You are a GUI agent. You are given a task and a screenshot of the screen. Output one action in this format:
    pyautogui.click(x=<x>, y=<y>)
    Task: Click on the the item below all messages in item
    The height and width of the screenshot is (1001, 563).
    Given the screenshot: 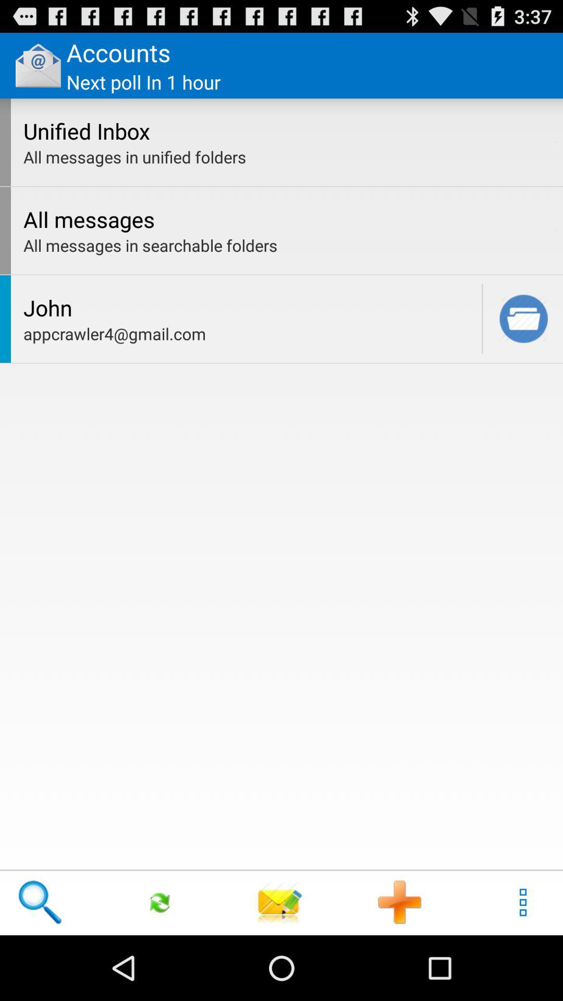 What is the action you would take?
    pyautogui.click(x=556, y=230)
    